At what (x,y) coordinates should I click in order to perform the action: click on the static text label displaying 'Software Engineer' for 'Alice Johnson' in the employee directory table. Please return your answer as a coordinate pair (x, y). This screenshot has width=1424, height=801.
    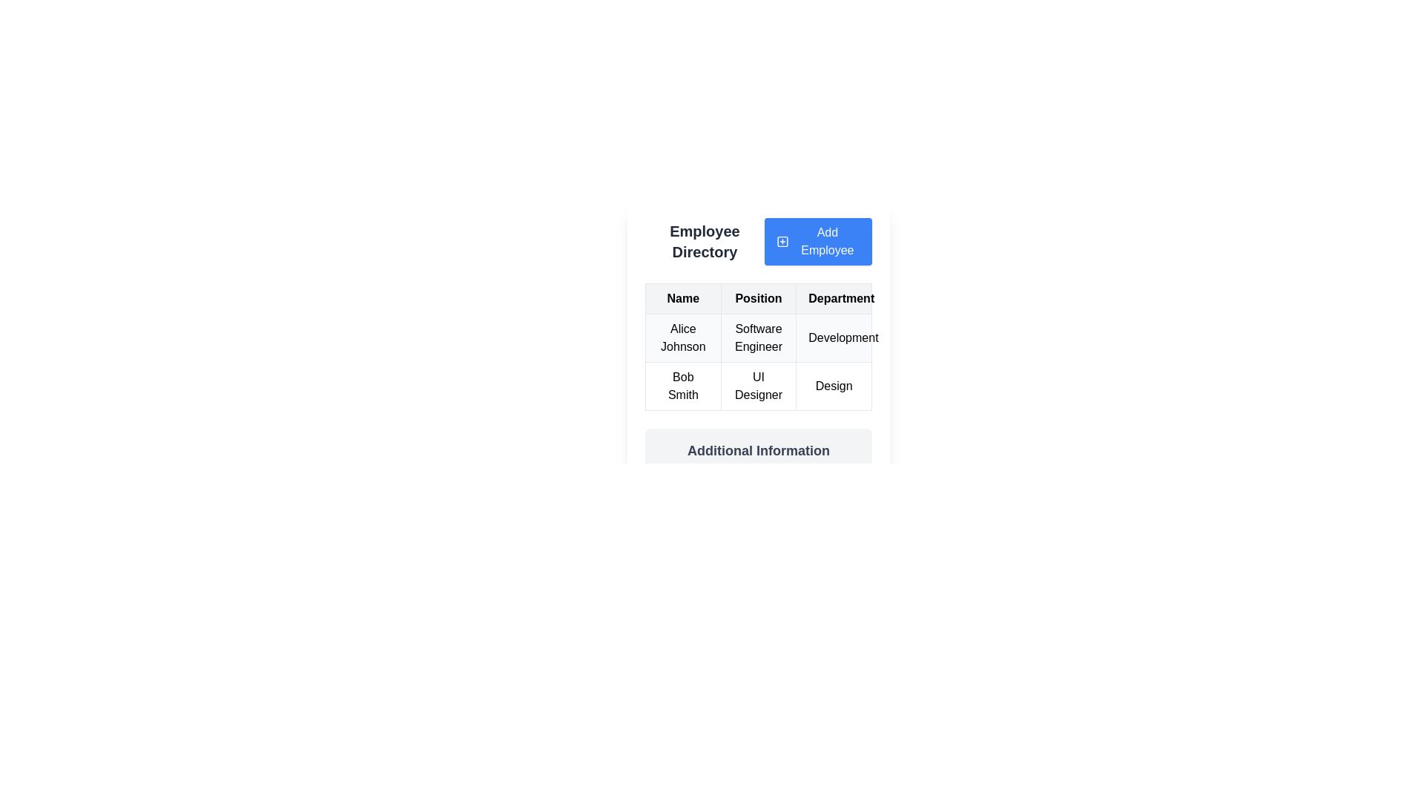
    Looking at the image, I should click on (758, 337).